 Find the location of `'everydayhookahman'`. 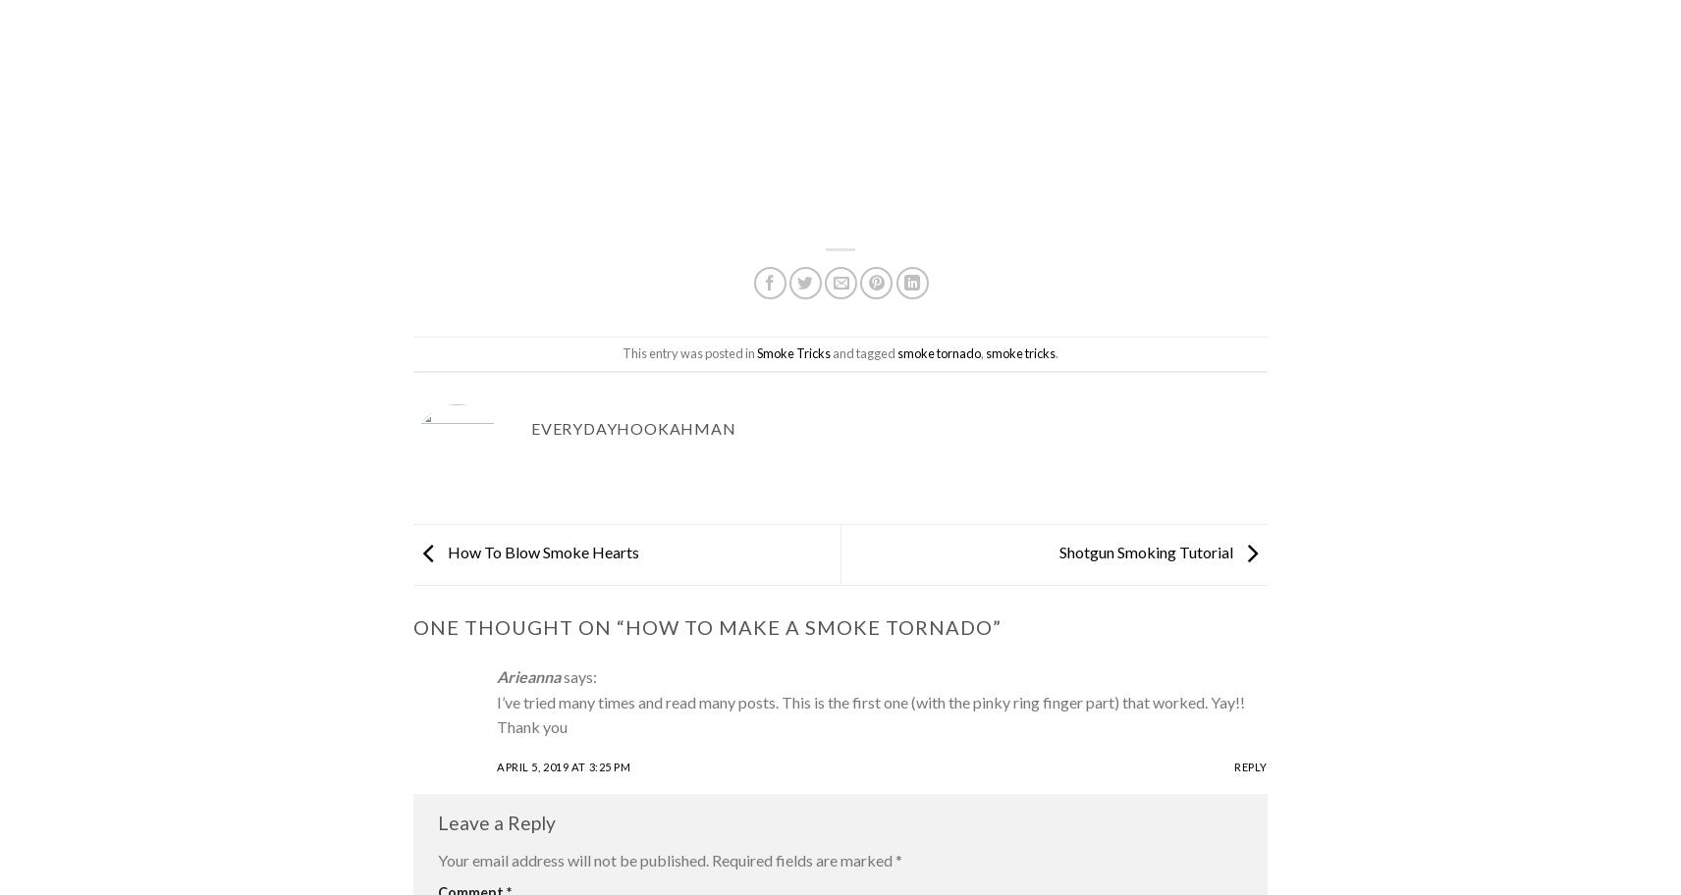

'everydayhookahman' is located at coordinates (529, 427).